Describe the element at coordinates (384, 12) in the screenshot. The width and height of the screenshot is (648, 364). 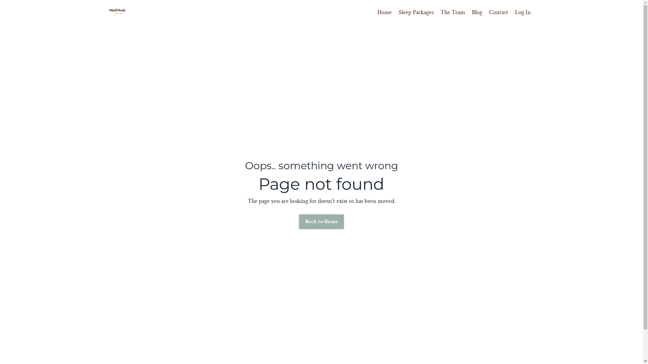
I see `'Home'` at that location.